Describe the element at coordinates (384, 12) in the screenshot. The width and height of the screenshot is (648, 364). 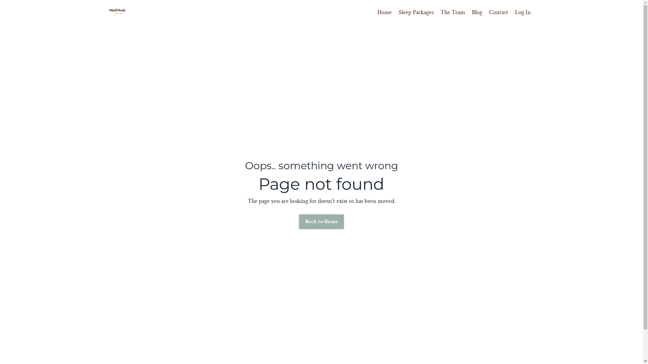
I see `'Home'` at that location.